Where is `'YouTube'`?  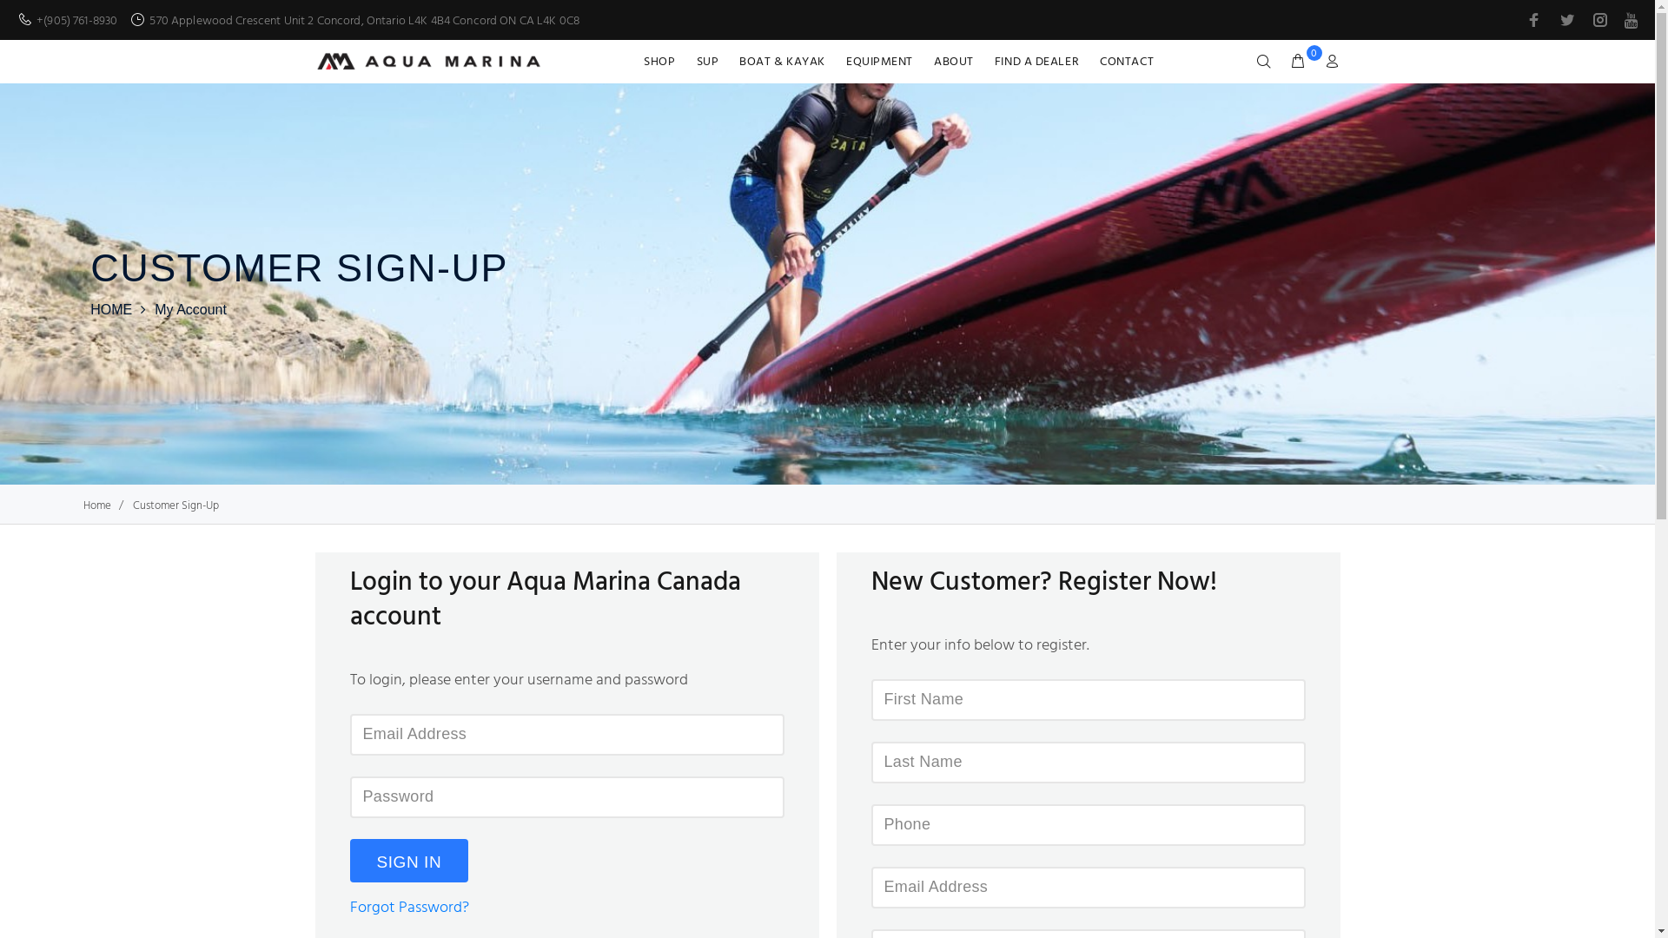 'YouTube' is located at coordinates (1628, 20).